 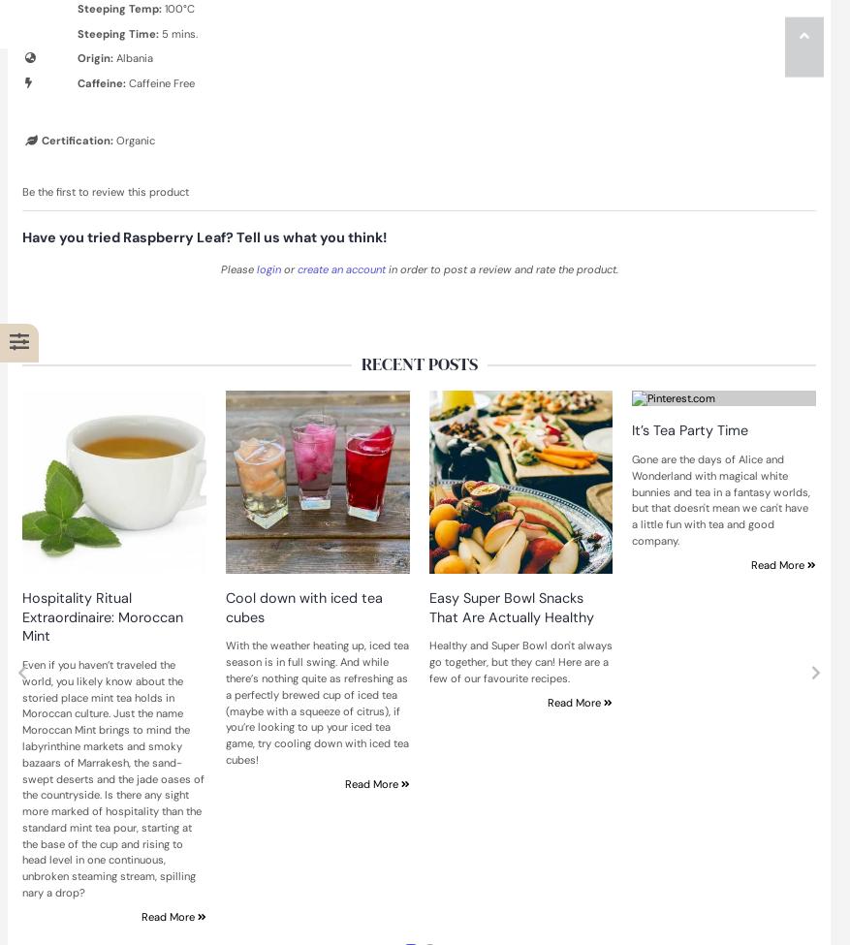 What do you see at coordinates (499, 268) in the screenshot?
I see `'in order to post a review and rate the product.'` at bounding box center [499, 268].